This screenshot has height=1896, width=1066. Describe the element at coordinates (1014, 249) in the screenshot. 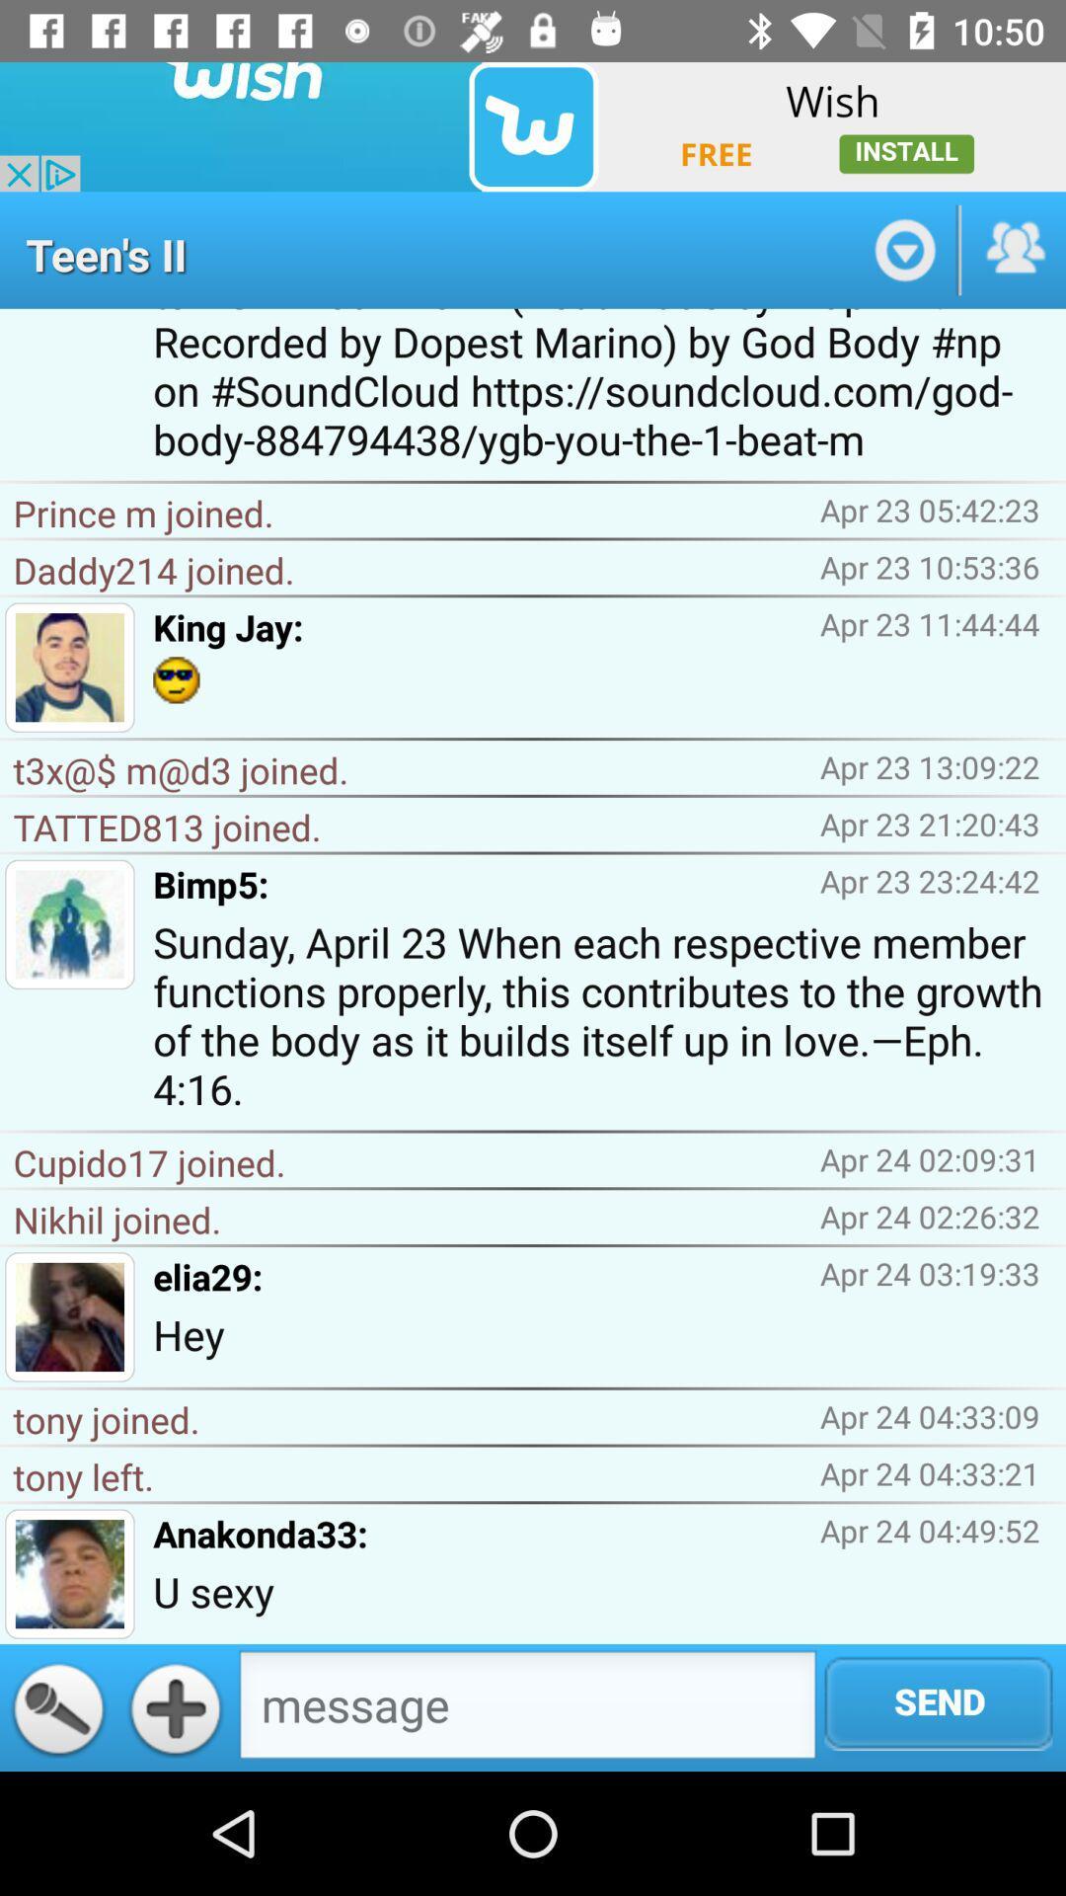

I see `the group icon` at that location.